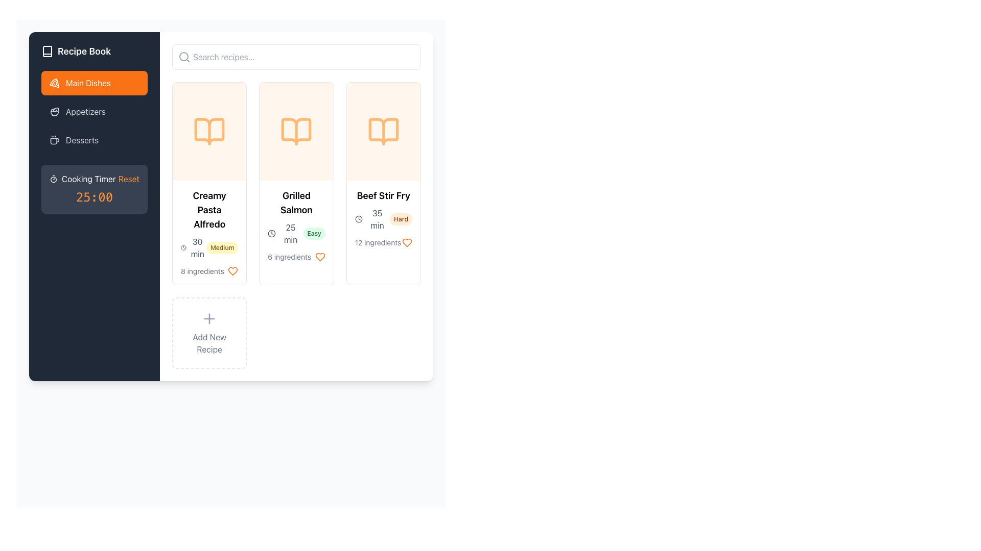 The image size is (981, 551). What do you see at coordinates (296, 203) in the screenshot?
I see `the 'Grilled Salmon' text label, which is the title of a recipe card, located at the top of the second card in a vertical recipe list` at bounding box center [296, 203].